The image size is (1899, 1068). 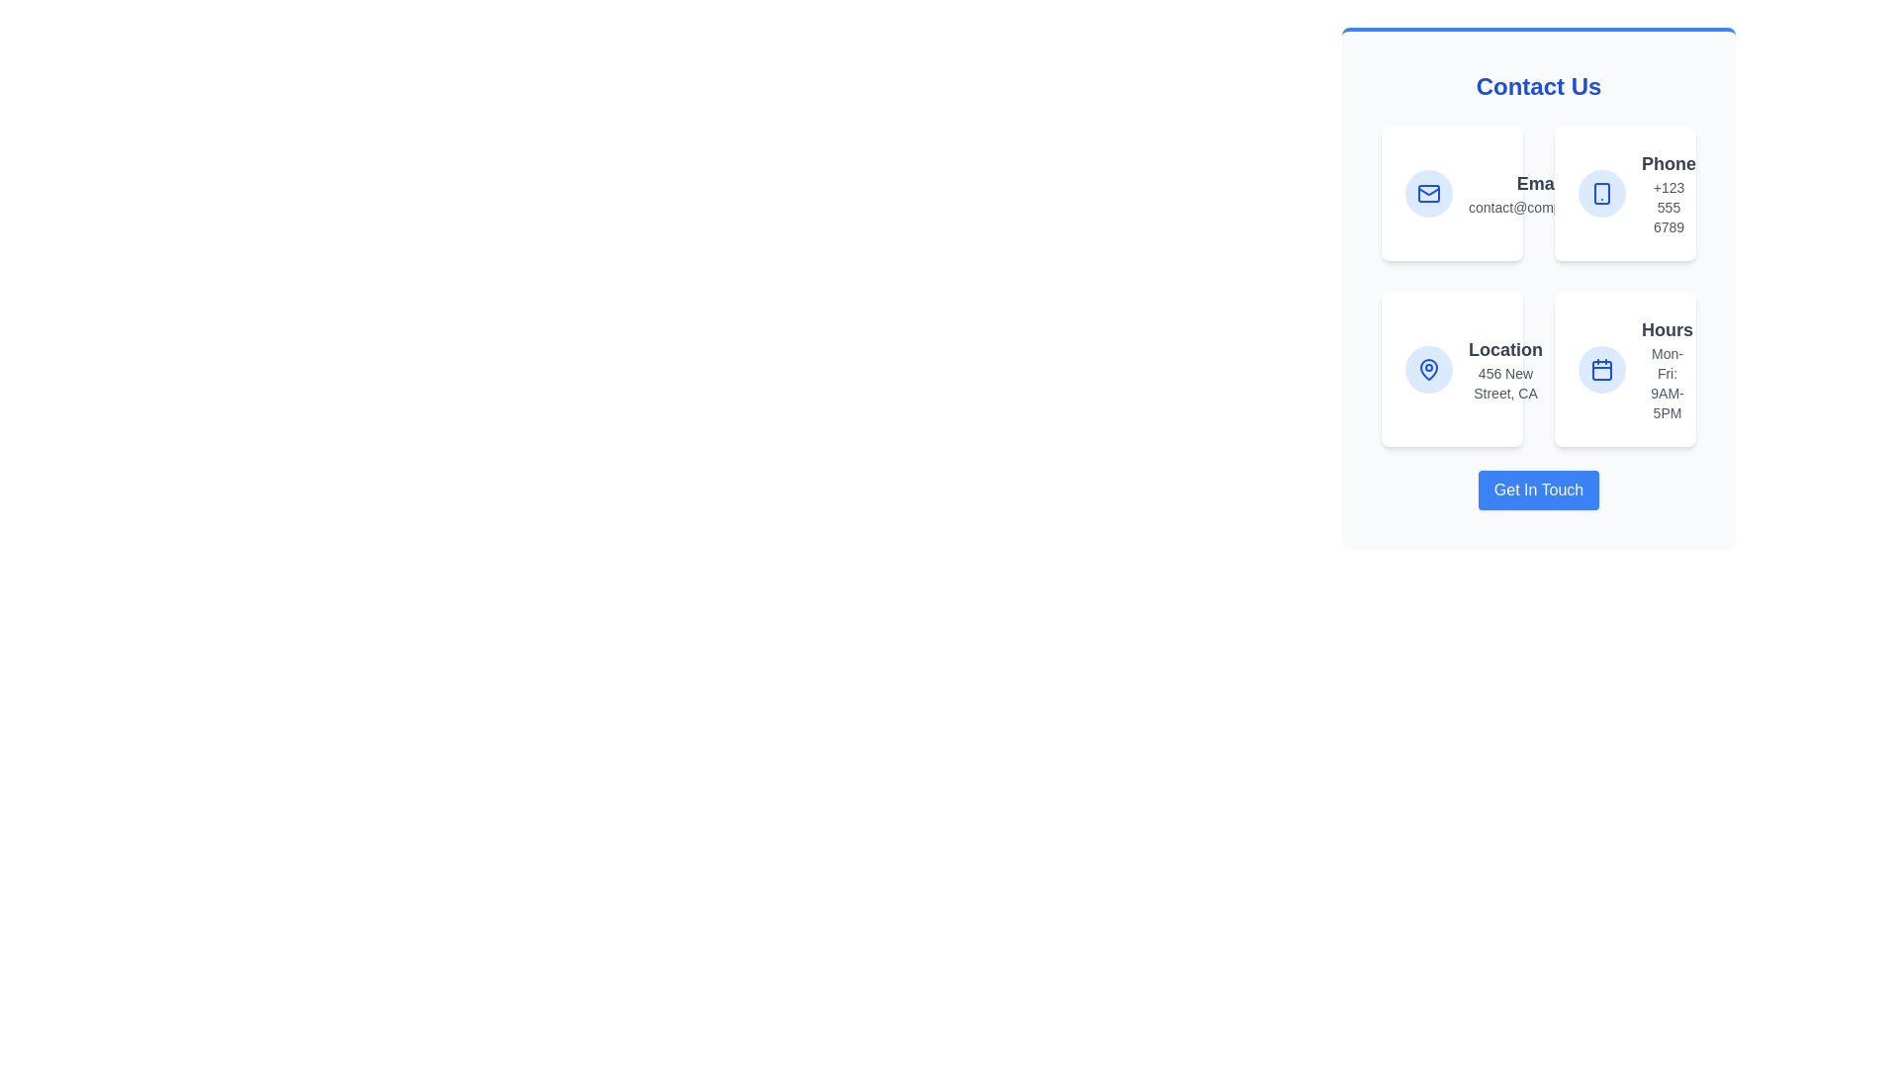 What do you see at coordinates (1428, 194) in the screenshot?
I see `the mail icon that visually represents an envelope, located in the upper-left position of the first card in the 'Contact Us' section, which is accompanied by the text labeled 'Email'` at bounding box center [1428, 194].